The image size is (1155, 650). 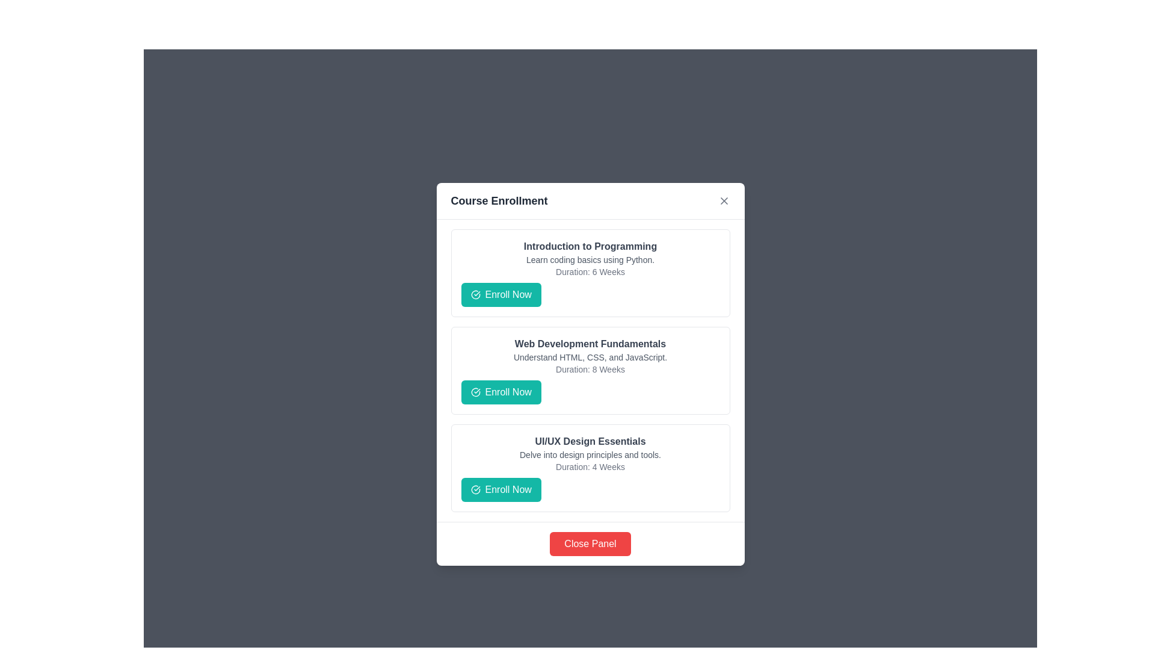 I want to click on the bold header text reading 'Course Enrollment', which is prominently displayed in dark gray at the top section of the modal window, so click(x=499, y=200).